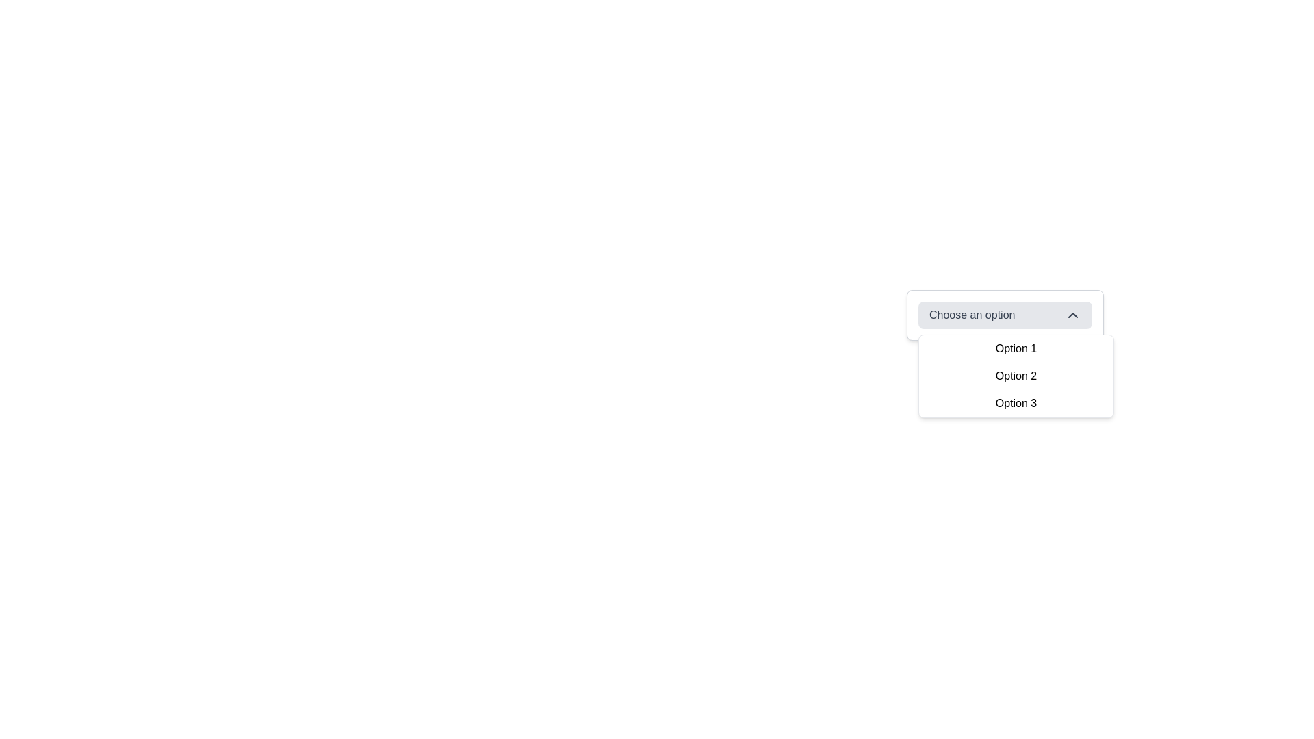 The height and width of the screenshot is (739, 1314). I want to click on the second option in the dropdown menu that updates the selection to 'Option 2', so click(1016, 376).